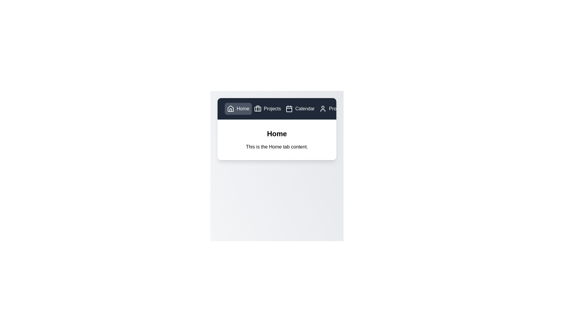 The height and width of the screenshot is (322, 573). Describe the element at coordinates (267, 109) in the screenshot. I see `the Projects tab by clicking on its button` at that location.